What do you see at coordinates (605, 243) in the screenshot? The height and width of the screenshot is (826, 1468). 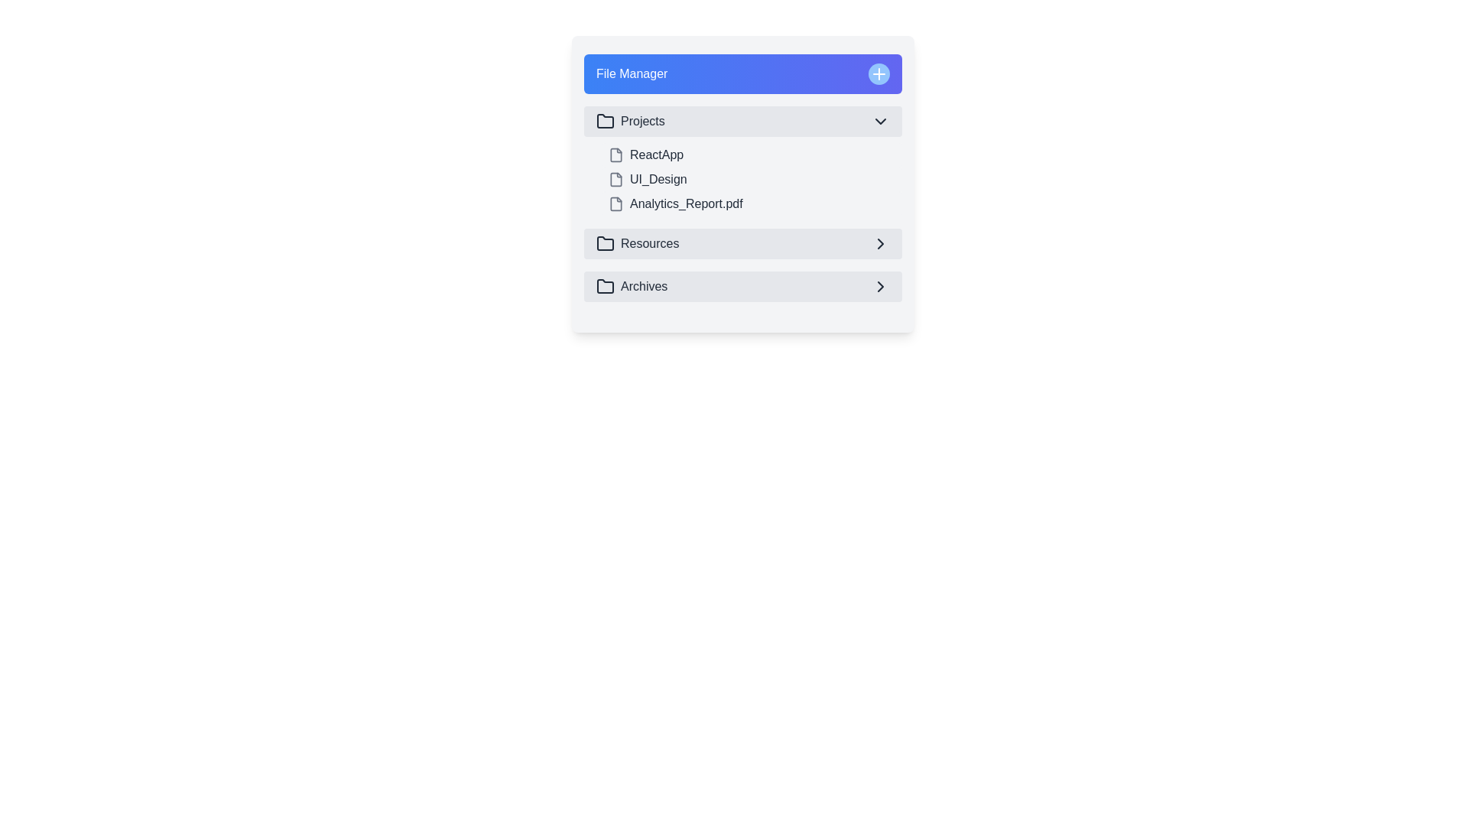 I see `the folder icon, which is the leftmost element` at bounding box center [605, 243].